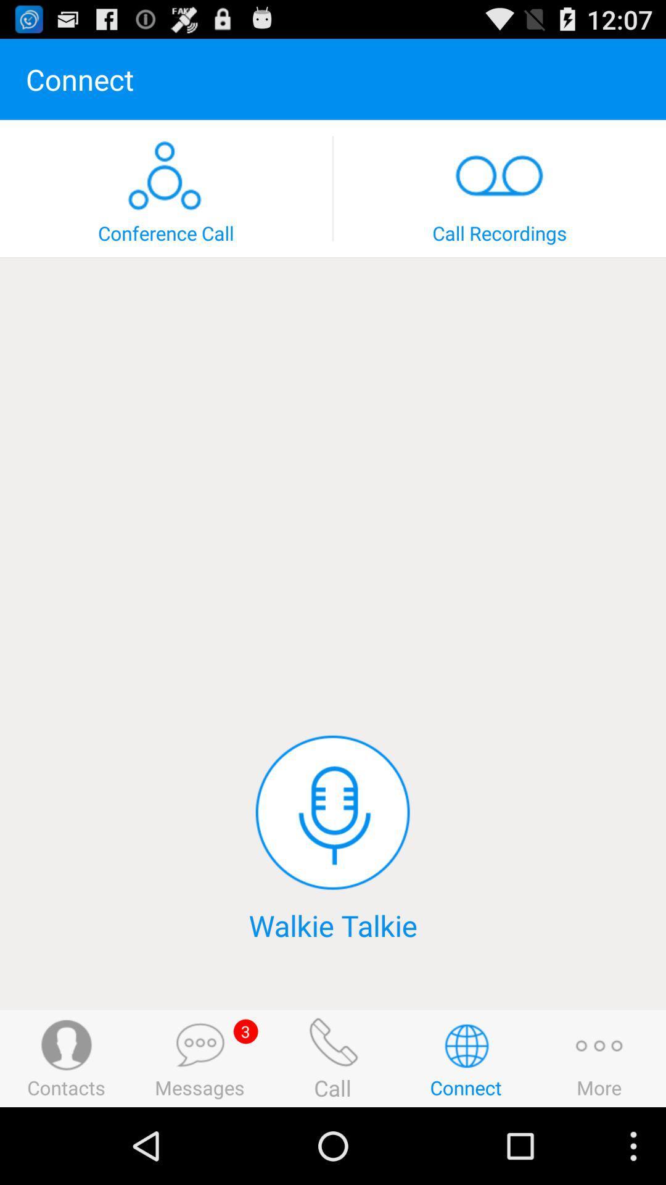 The width and height of the screenshot is (666, 1185). What do you see at coordinates (332, 812) in the screenshot?
I see `start microphone` at bounding box center [332, 812].